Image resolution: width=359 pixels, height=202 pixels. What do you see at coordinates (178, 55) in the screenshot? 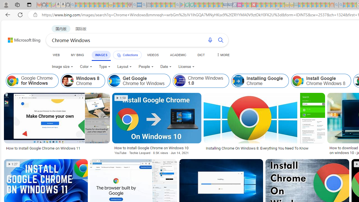
I see `'ACADEMIC'` at bounding box center [178, 55].